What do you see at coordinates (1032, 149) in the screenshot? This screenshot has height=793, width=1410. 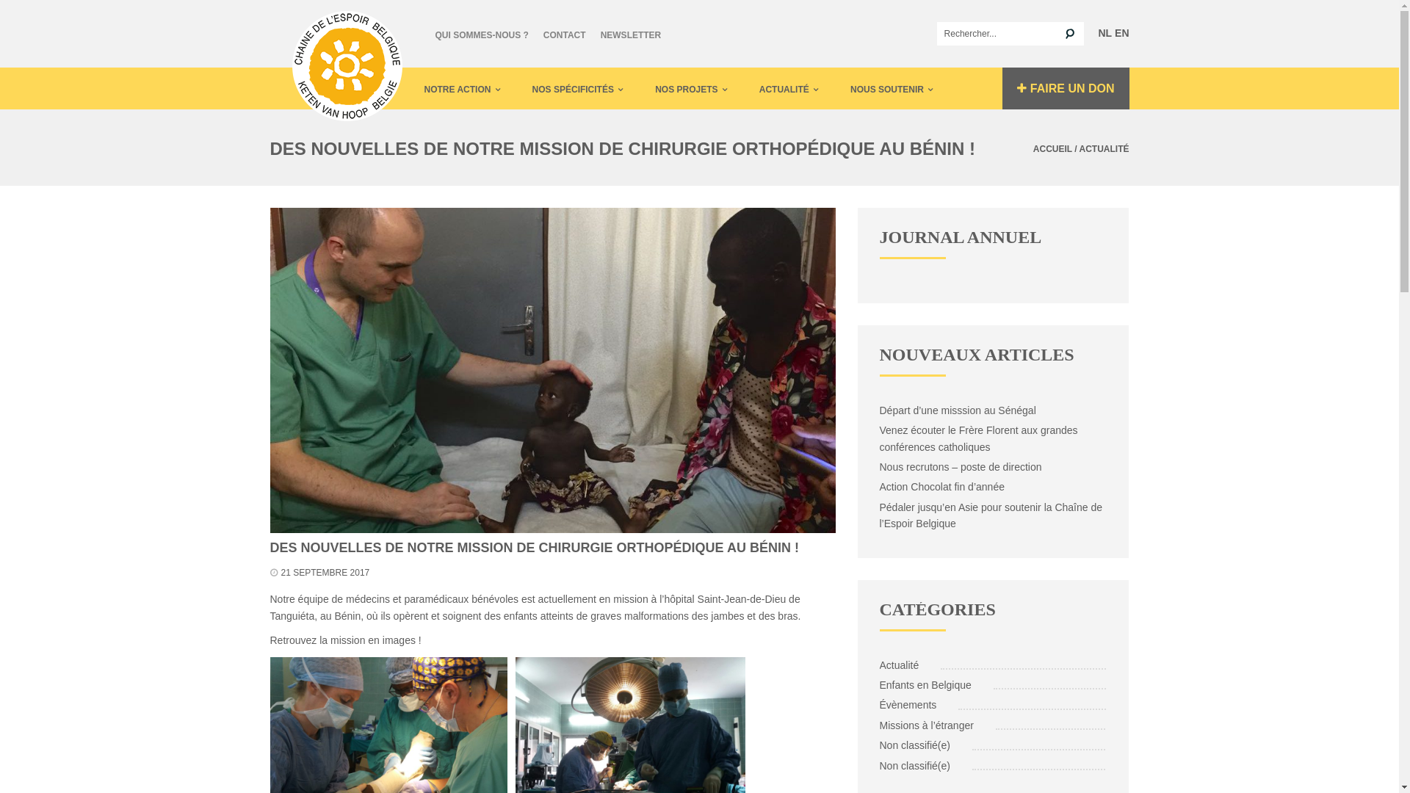 I see `'ACCUEIL'` at bounding box center [1032, 149].